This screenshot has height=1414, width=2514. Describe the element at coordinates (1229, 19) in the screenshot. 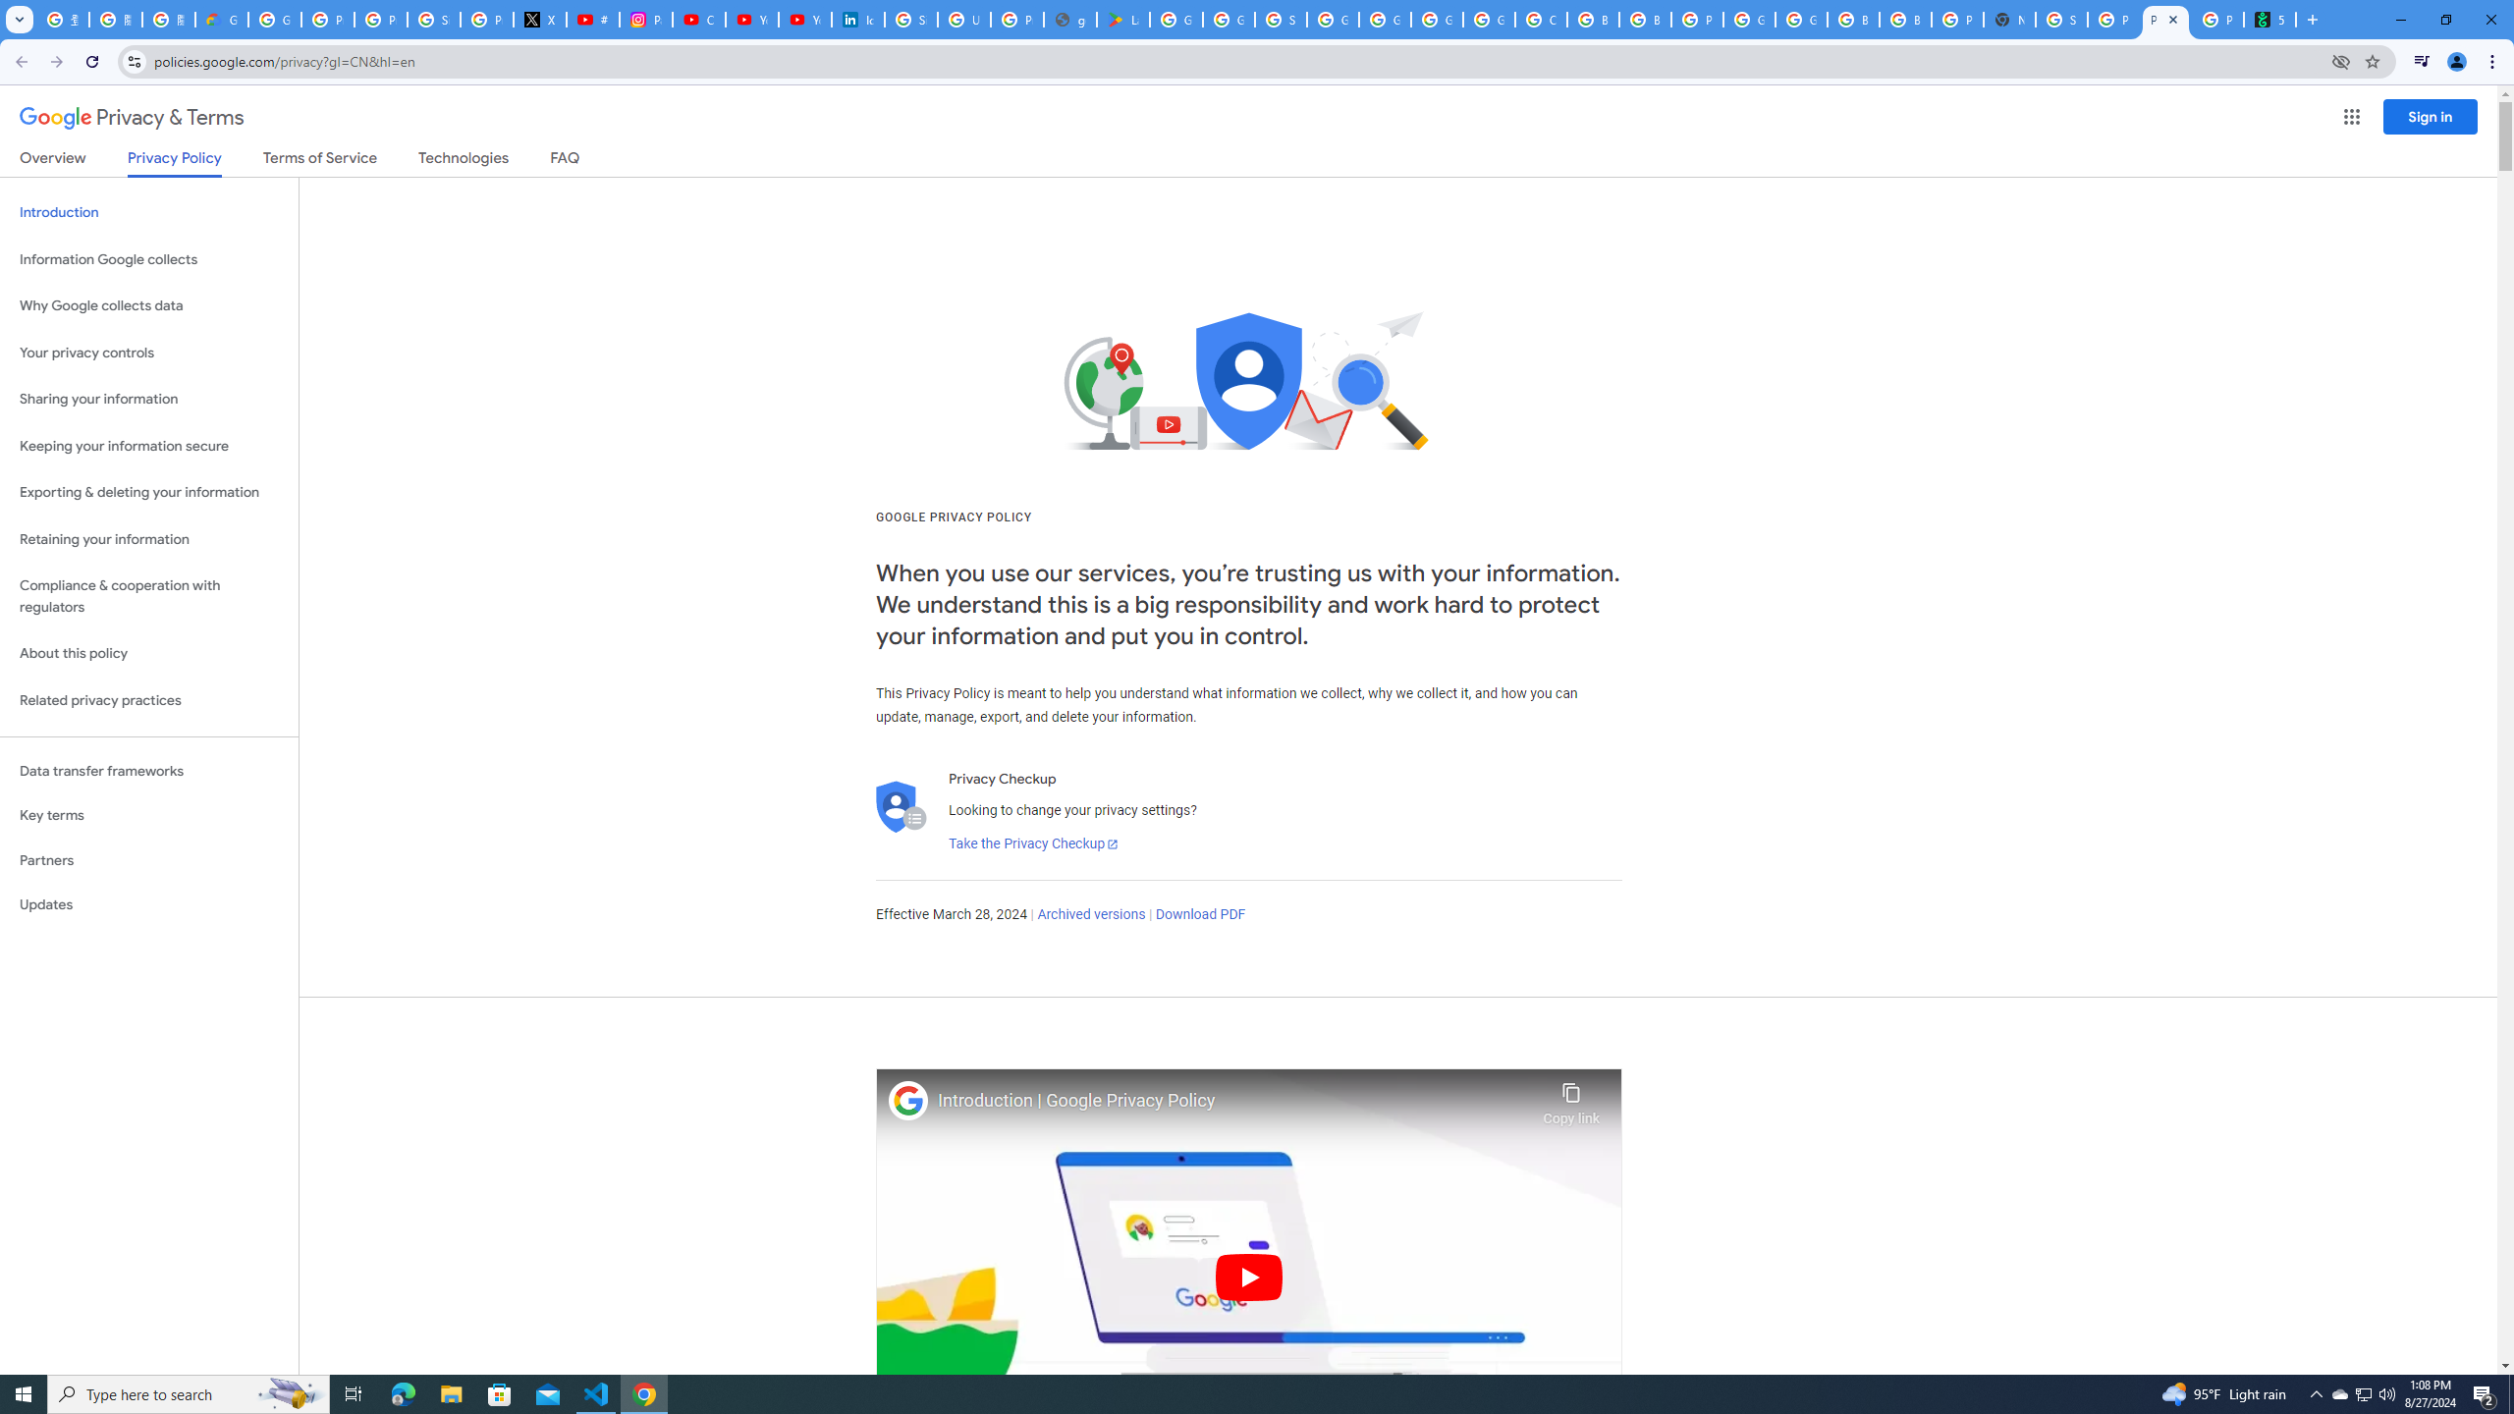

I see `'Google Workspace - Specific Terms'` at that location.